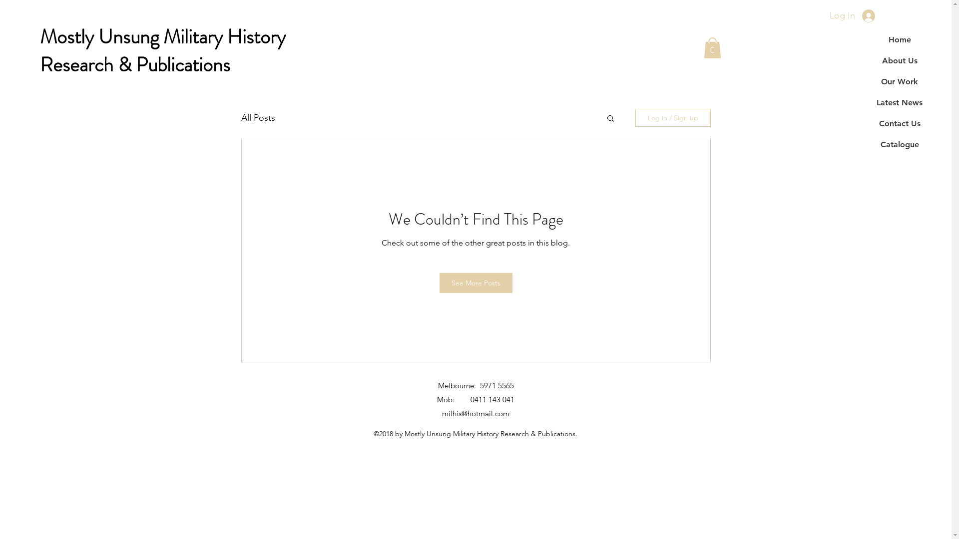 This screenshot has height=539, width=959. Describe the element at coordinates (852, 15) in the screenshot. I see `'Log In'` at that location.